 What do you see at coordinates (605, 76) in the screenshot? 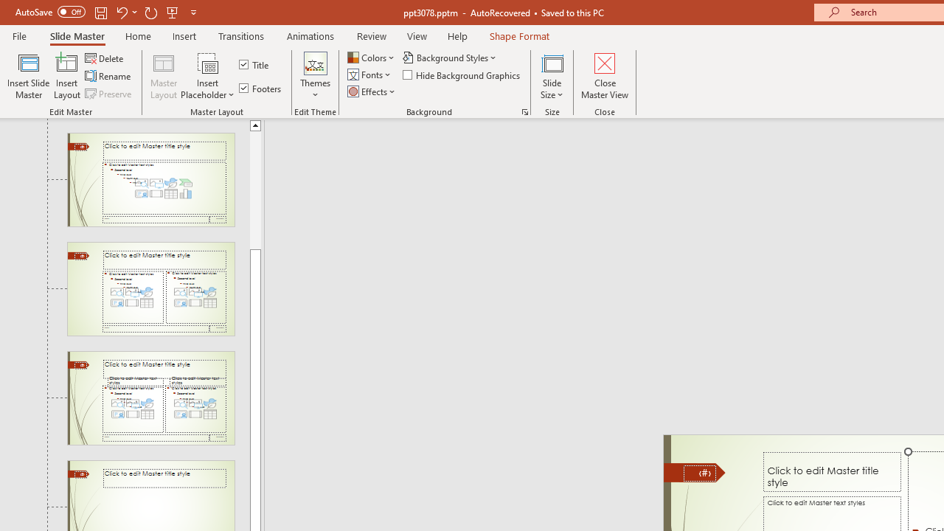
I see `'Close Master View'` at bounding box center [605, 76].